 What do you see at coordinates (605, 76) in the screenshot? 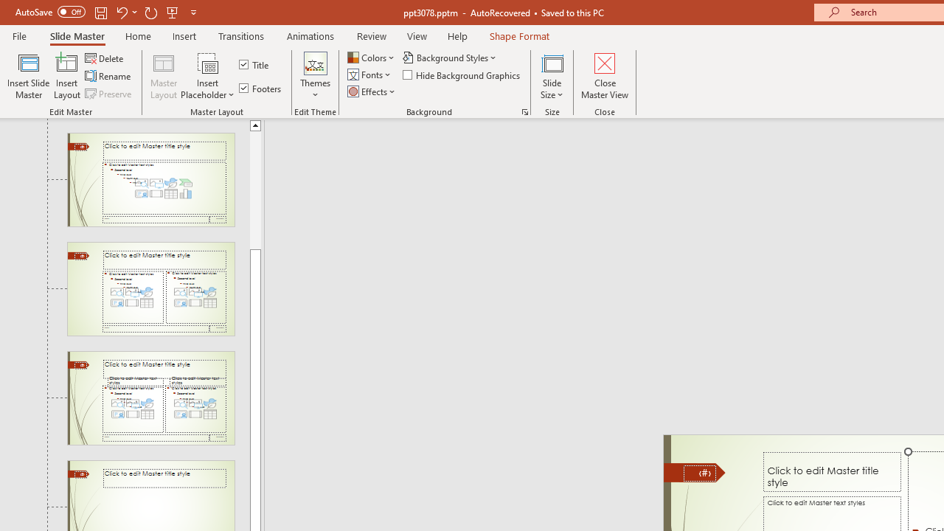
I see `'Close Master View'` at bounding box center [605, 76].